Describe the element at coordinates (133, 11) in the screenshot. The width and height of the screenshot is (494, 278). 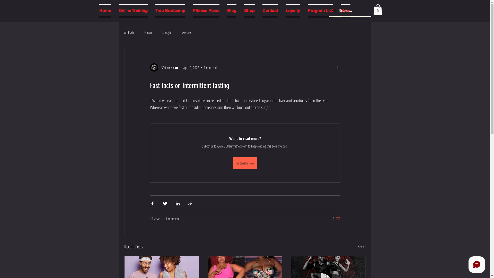
I see `'Online Training'` at that location.